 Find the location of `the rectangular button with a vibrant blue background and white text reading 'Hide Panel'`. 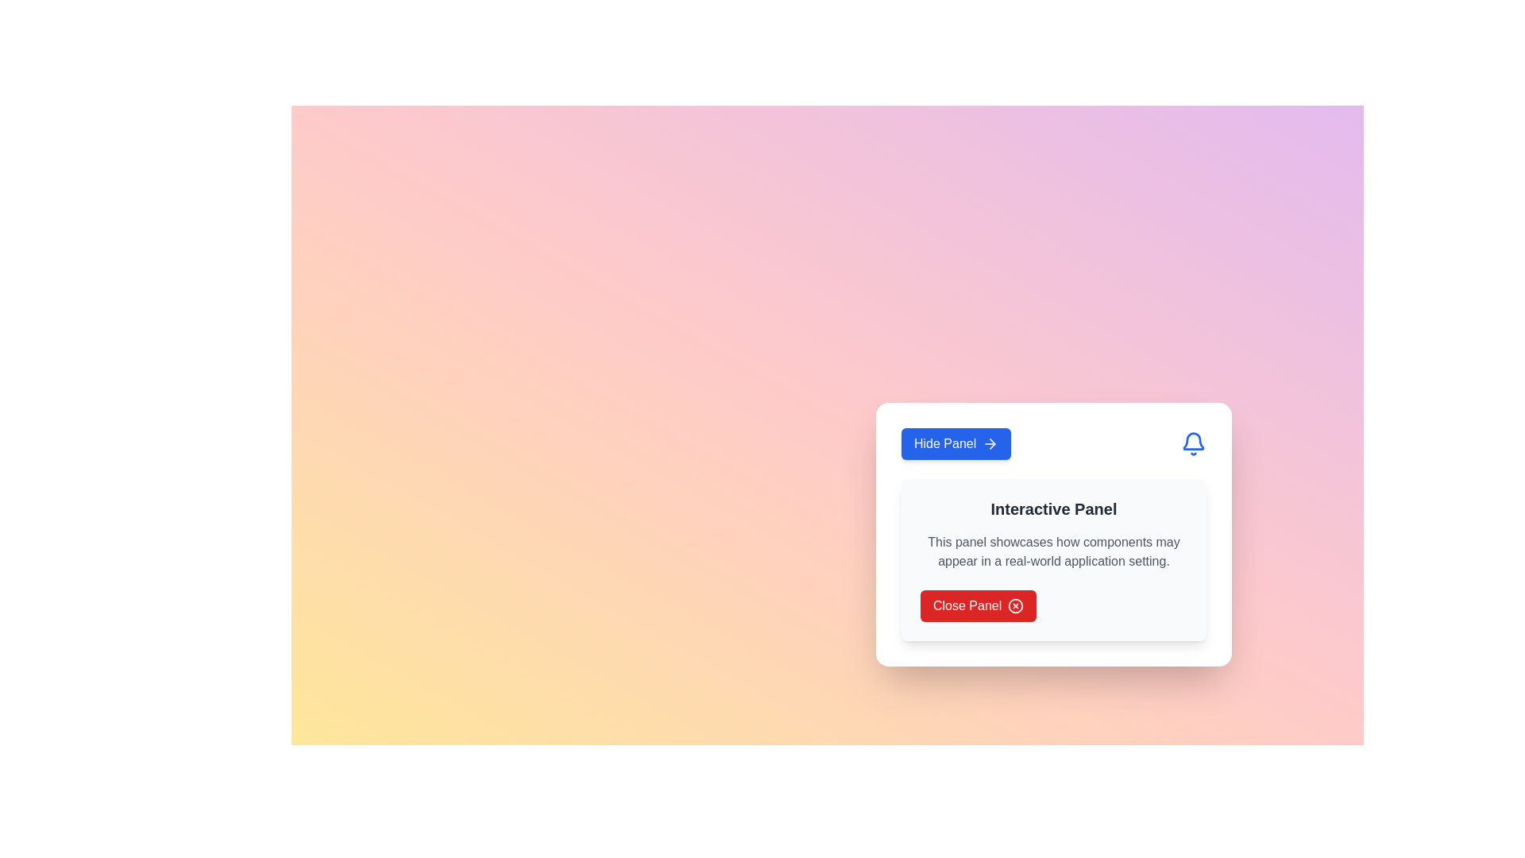

the rectangular button with a vibrant blue background and white text reading 'Hide Panel' is located at coordinates (956, 444).